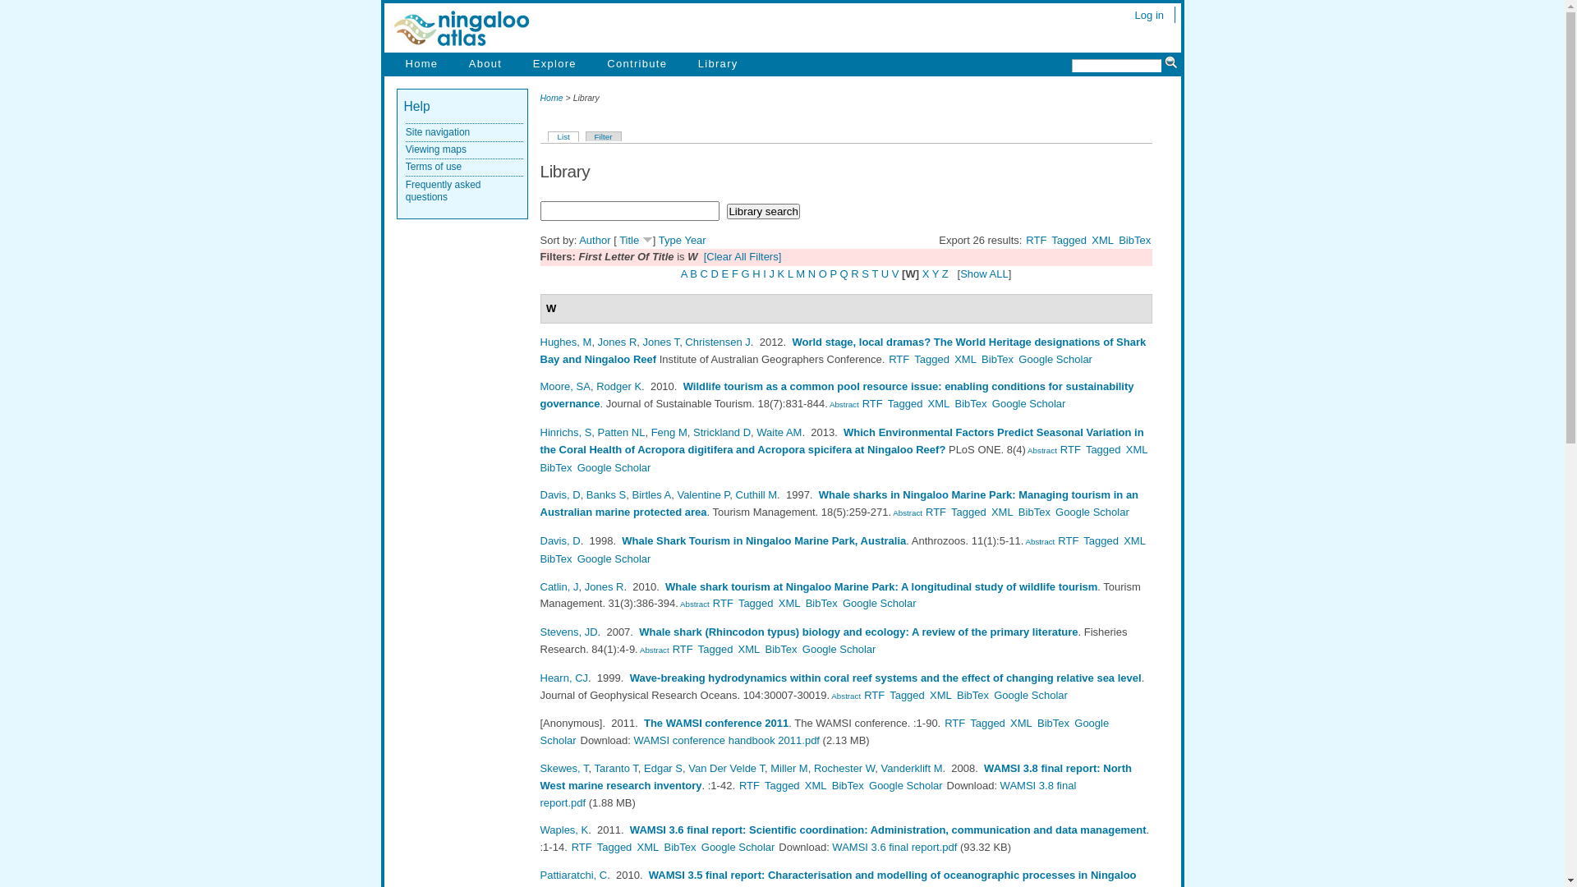 This screenshot has height=887, width=1577. Describe the element at coordinates (926, 273) in the screenshot. I see `'X'` at that location.